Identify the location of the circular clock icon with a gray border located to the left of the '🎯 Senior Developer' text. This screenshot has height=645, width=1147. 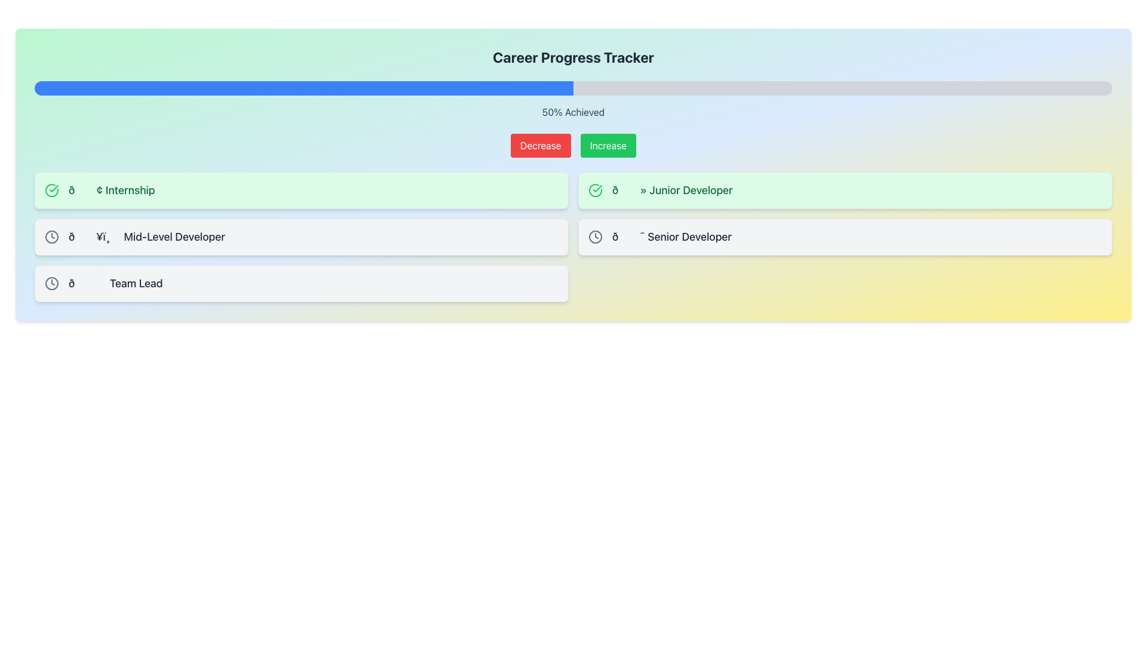
(596, 237).